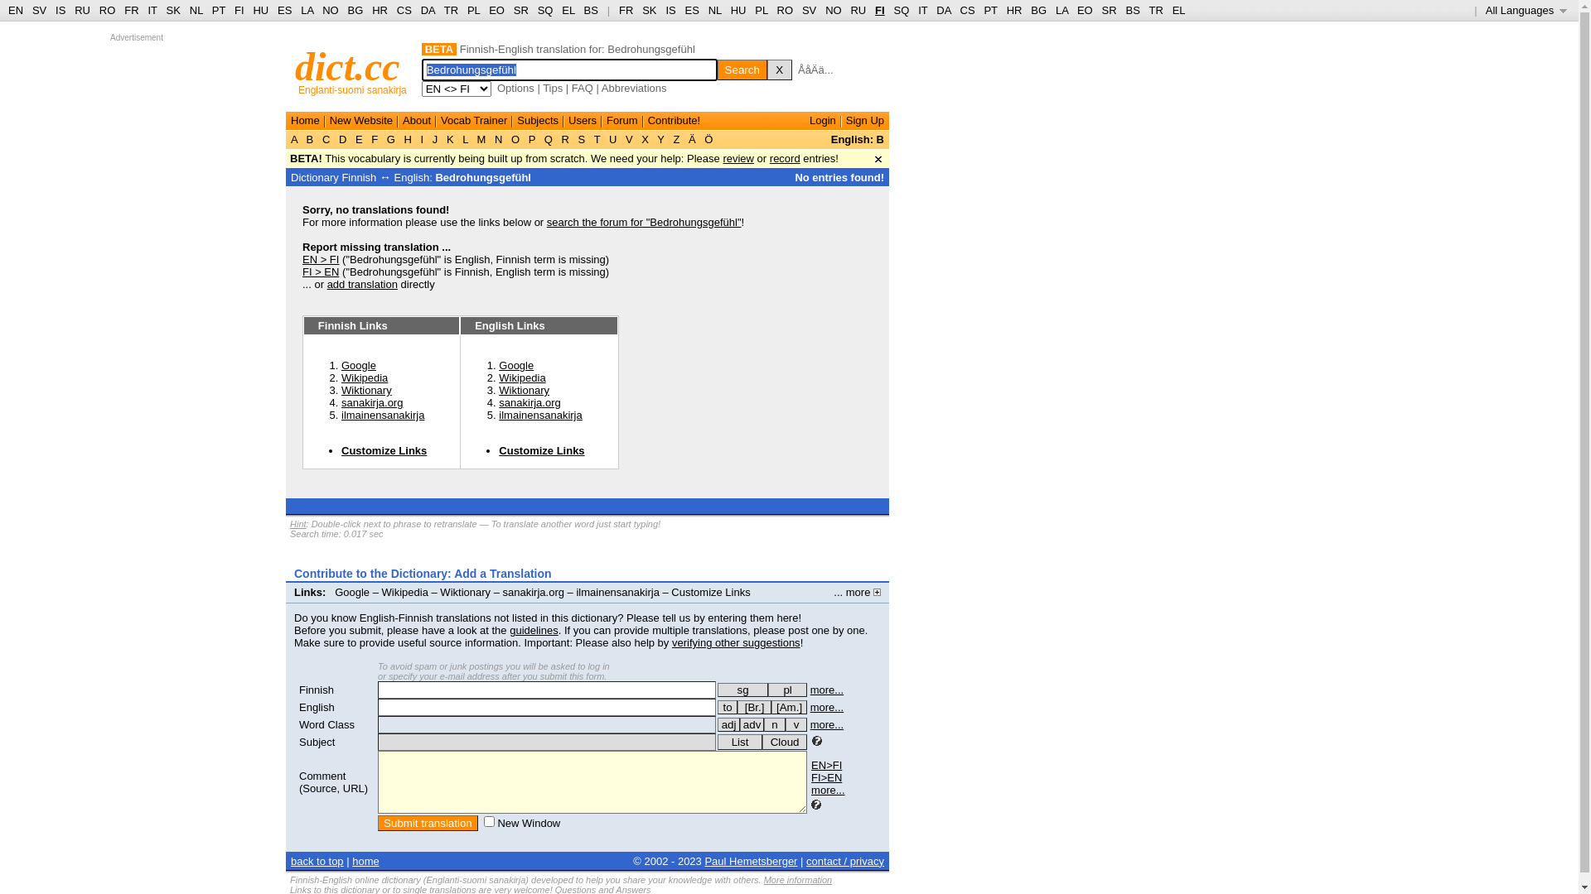  I want to click on 'EN>FI', so click(826, 765).